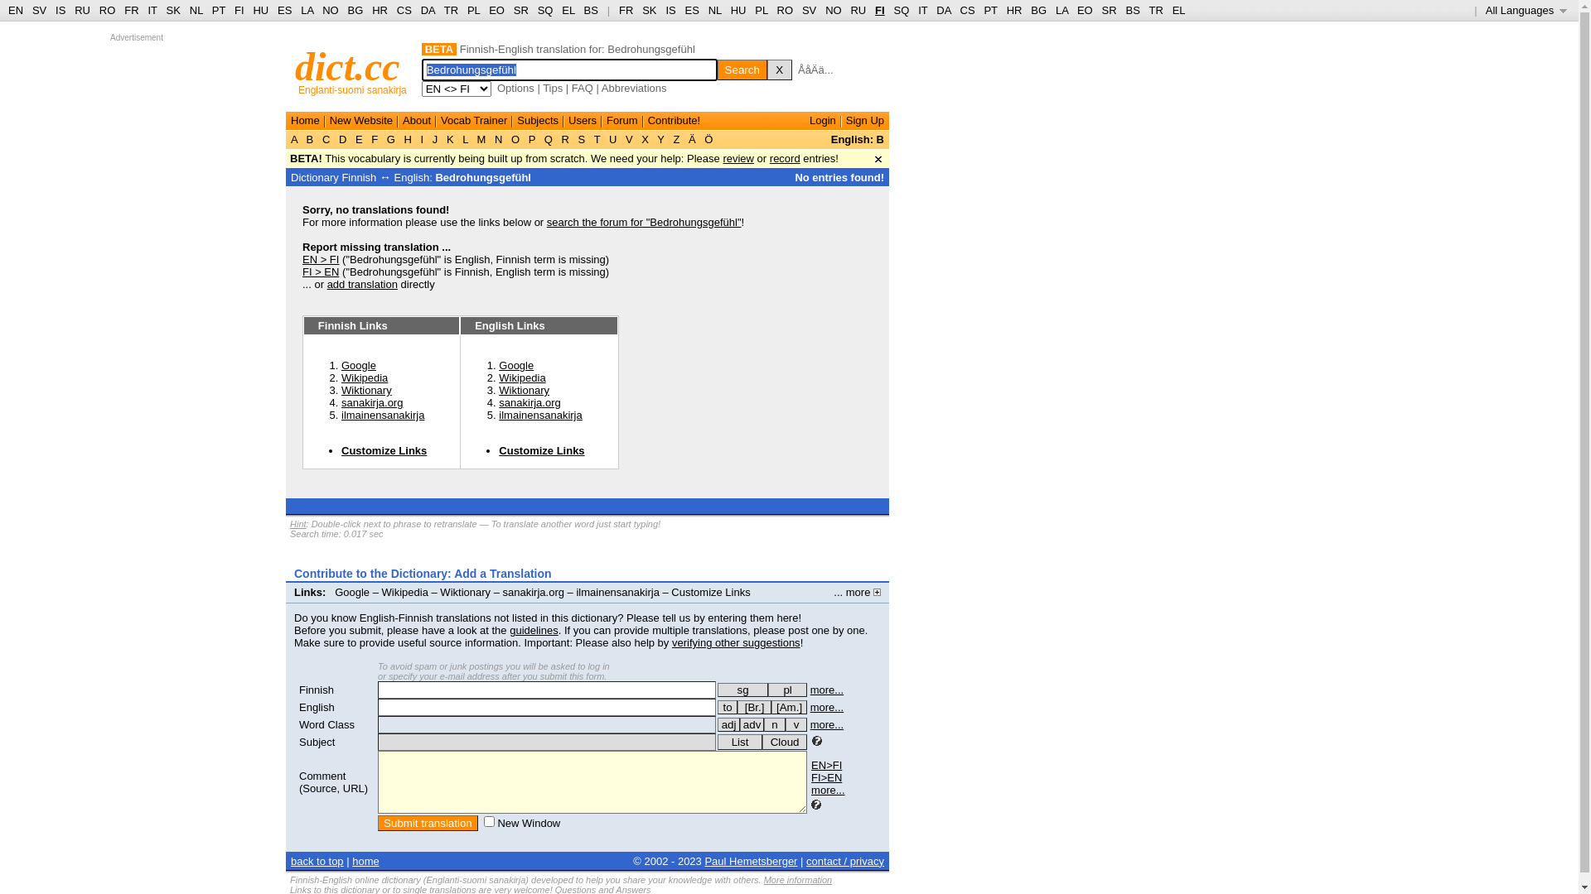  I want to click on 'EN>FI', so click(826, 765).